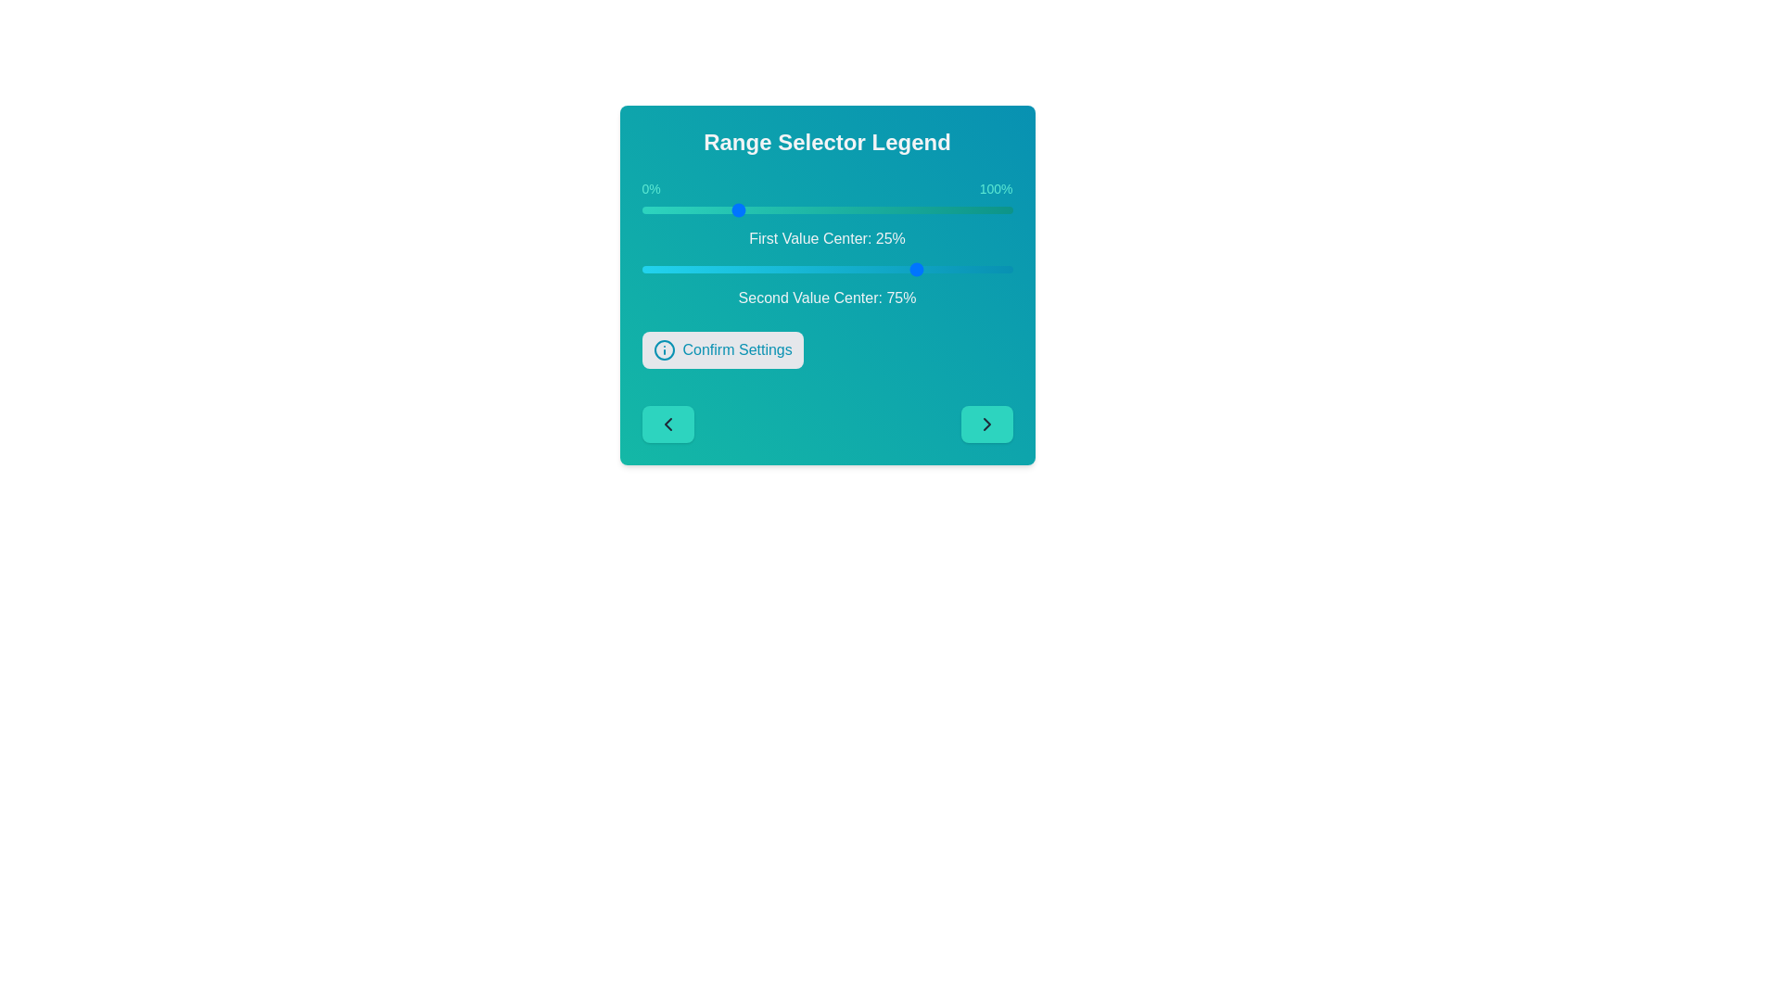 The height and width of the screenshot is (1001, 1780). What do you see at coordinates (822, 209) in the screenshot?
I see `the slider value` at bounding box center [822, 209].